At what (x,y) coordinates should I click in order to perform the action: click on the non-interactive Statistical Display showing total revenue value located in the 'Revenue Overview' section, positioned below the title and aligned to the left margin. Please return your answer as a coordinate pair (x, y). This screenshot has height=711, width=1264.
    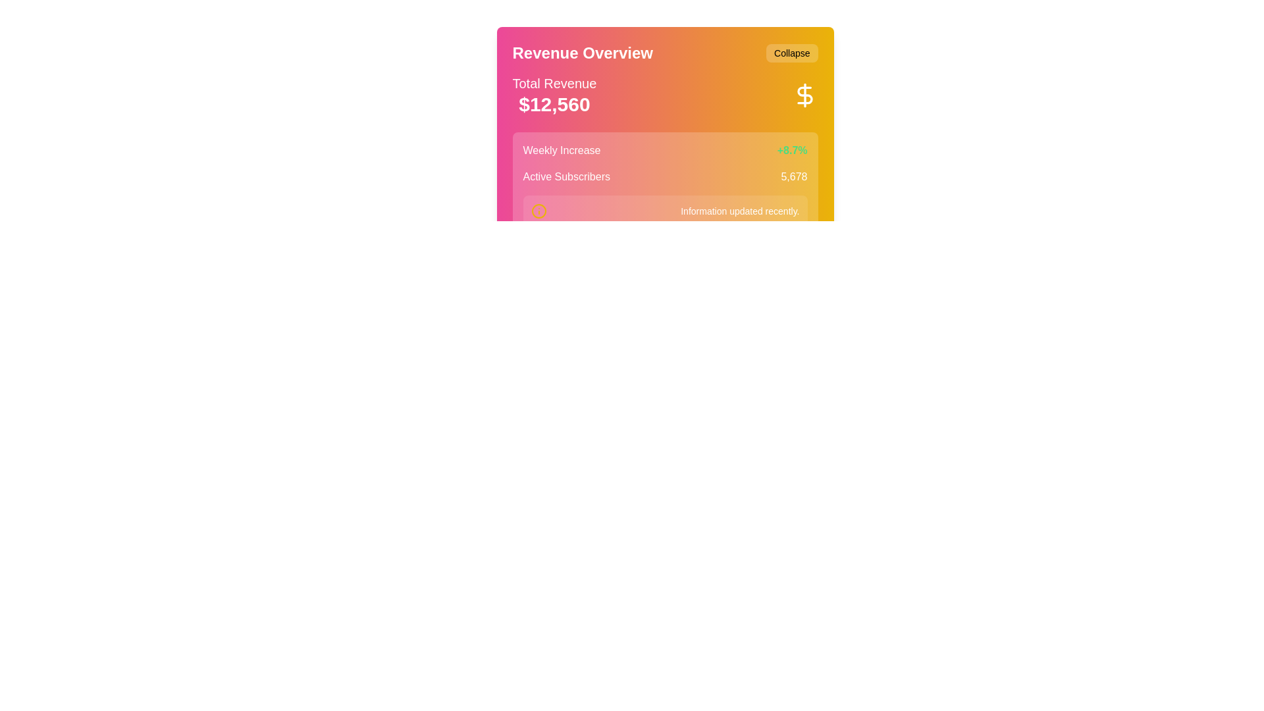
    Looking at the image, I should click on (554, 95).